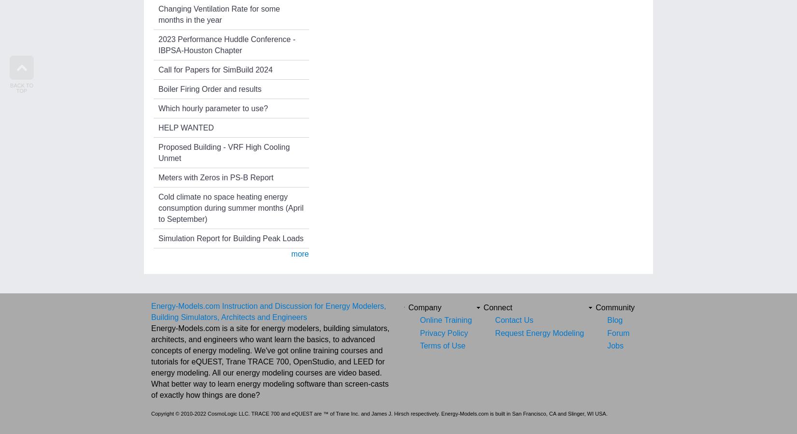  What do you see at coordinates (218, 14) in the screenshot?
I see `'Changing Ventilation Rate for some months in the year'` at bounding box center [218, 14].